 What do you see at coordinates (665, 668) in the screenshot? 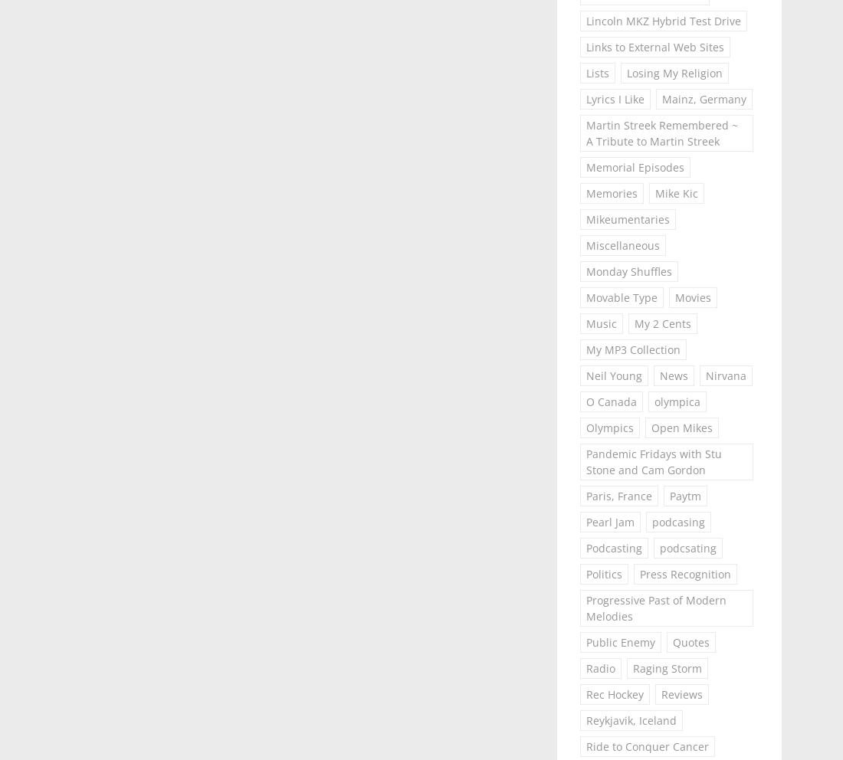
I see `'Raging Storm'` at bounding box center [665, 668].